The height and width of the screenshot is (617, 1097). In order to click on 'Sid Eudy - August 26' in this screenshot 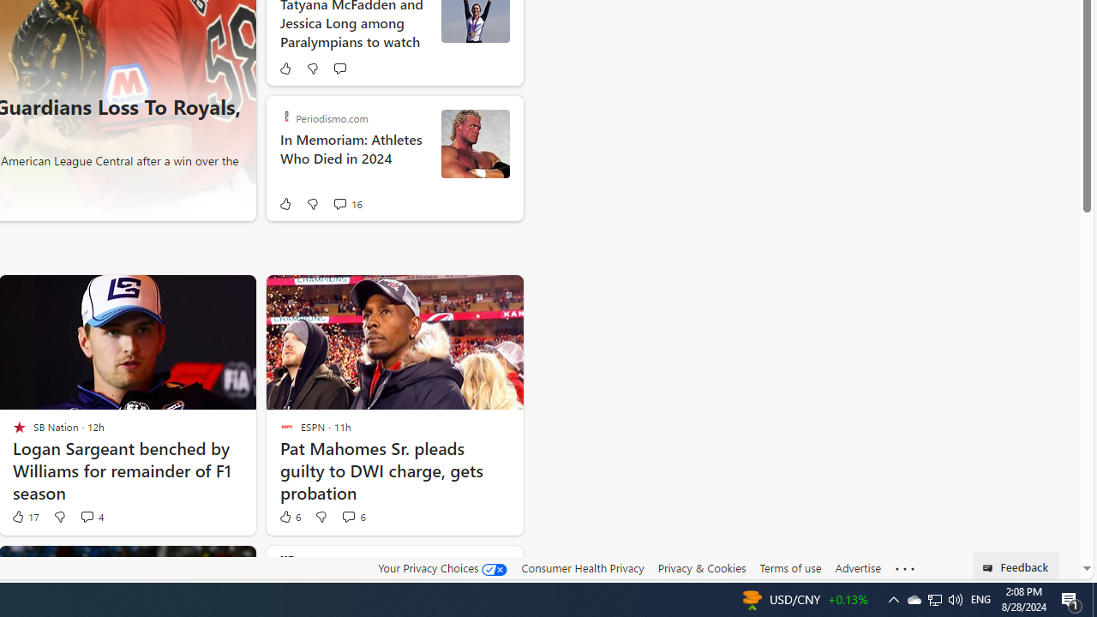, I will do `click(475, 143)`.